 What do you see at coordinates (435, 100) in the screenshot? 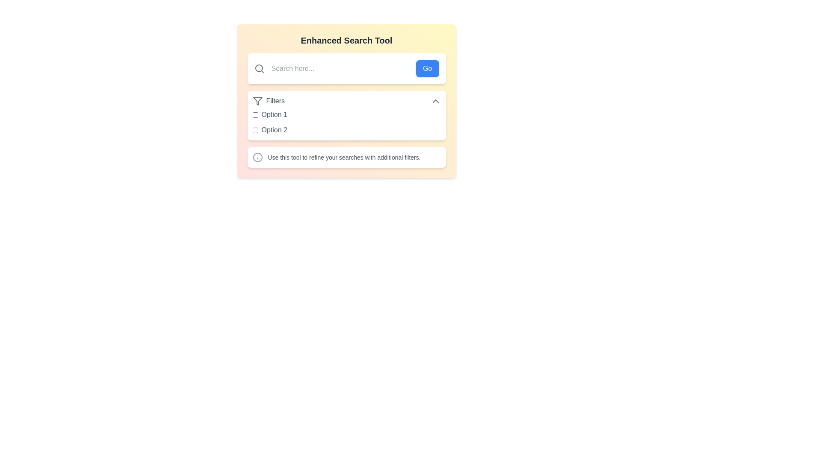
I see `the icon at the far right of the 'Filters' section` at bounding box center [435, 100].